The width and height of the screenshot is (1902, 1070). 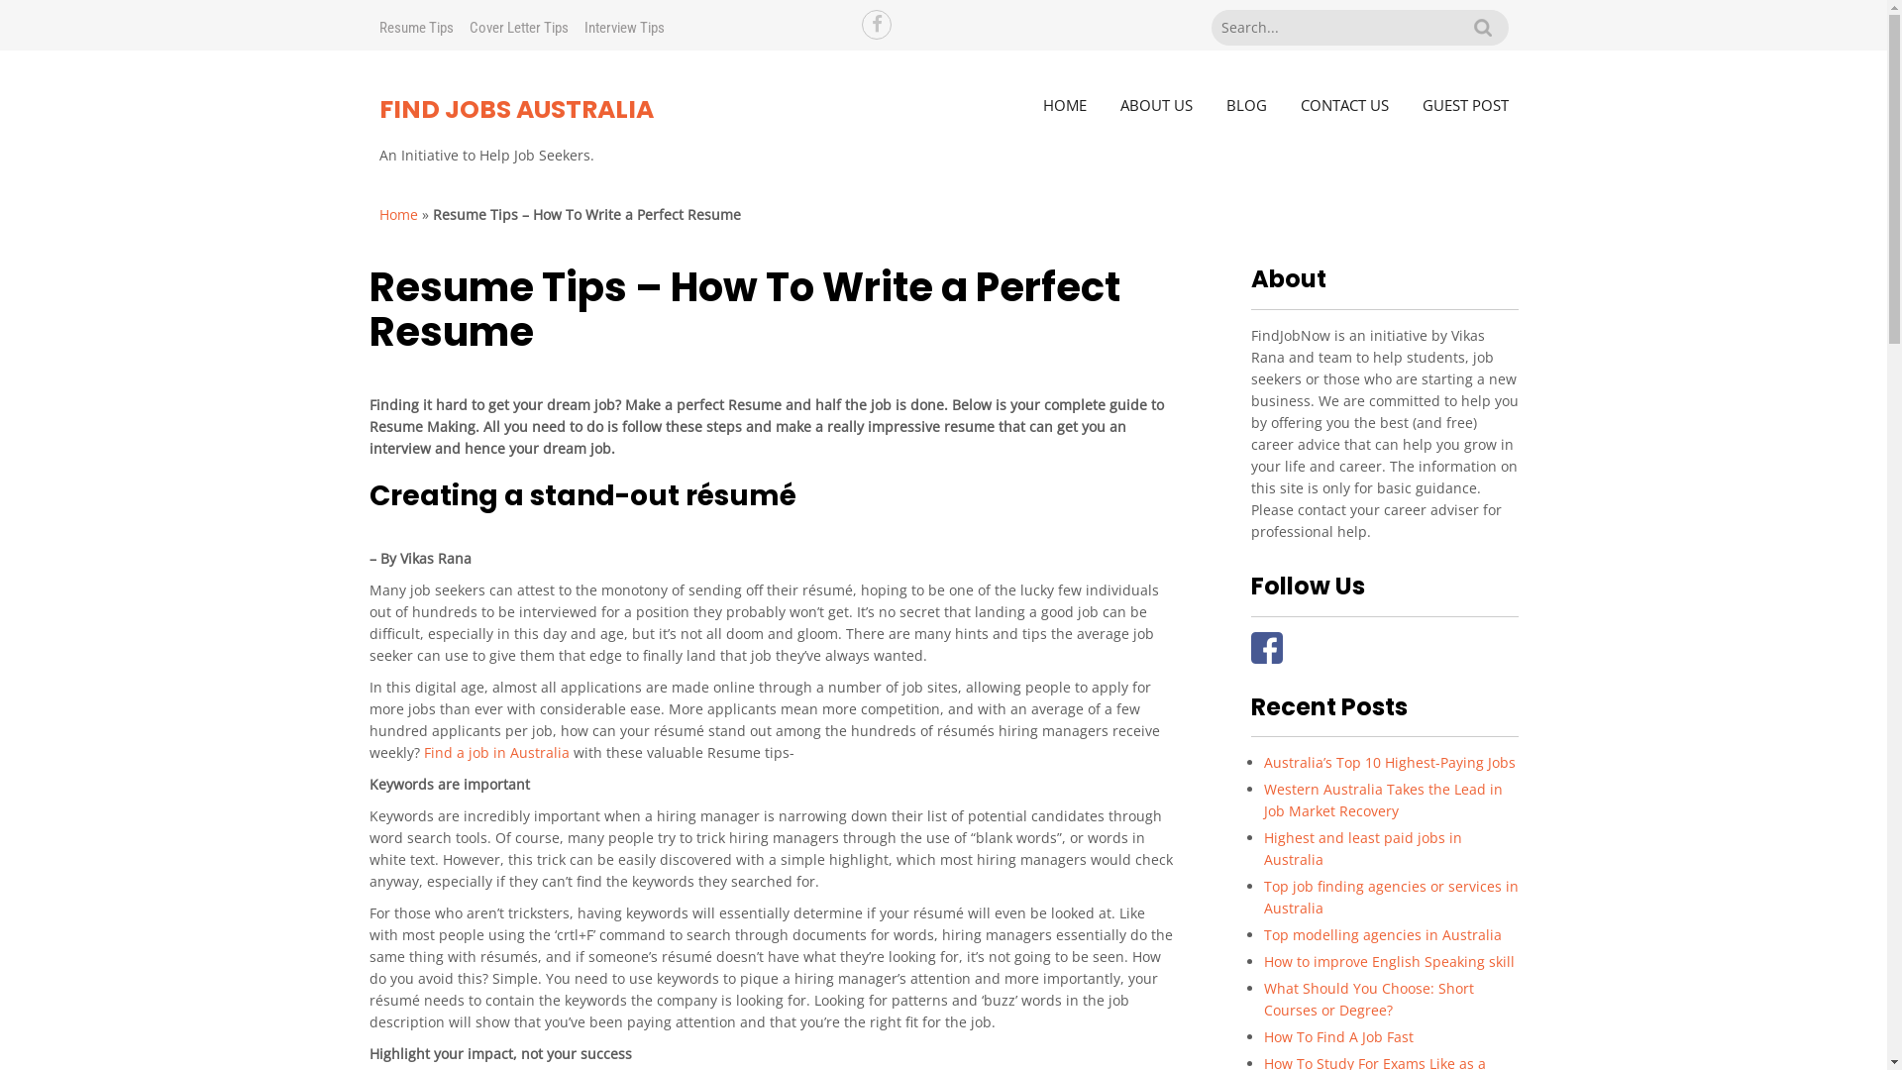 I want to click on 'Western Australia Takes the Lead in Job Market Recovery', so click(x=1382, y=799).